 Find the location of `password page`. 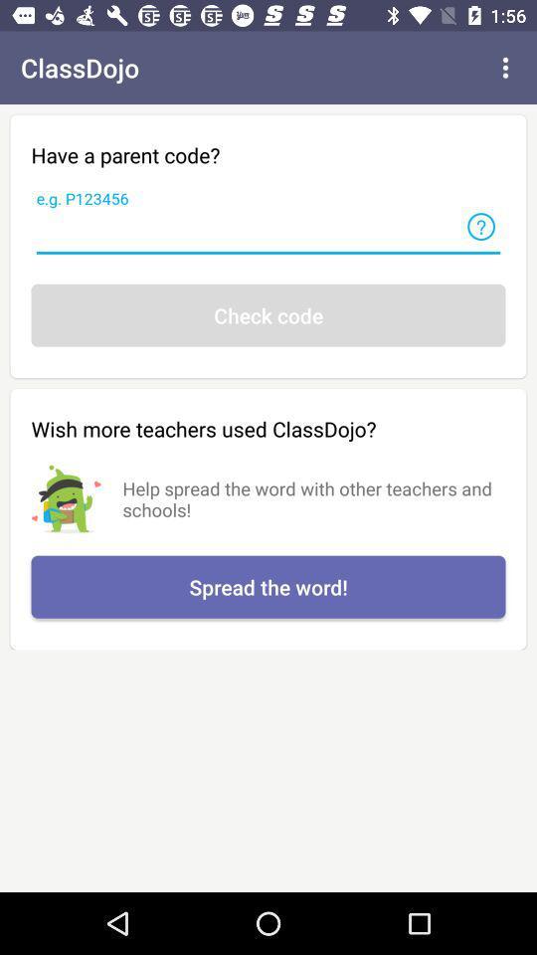

password page is located at coordinates (268, 234).